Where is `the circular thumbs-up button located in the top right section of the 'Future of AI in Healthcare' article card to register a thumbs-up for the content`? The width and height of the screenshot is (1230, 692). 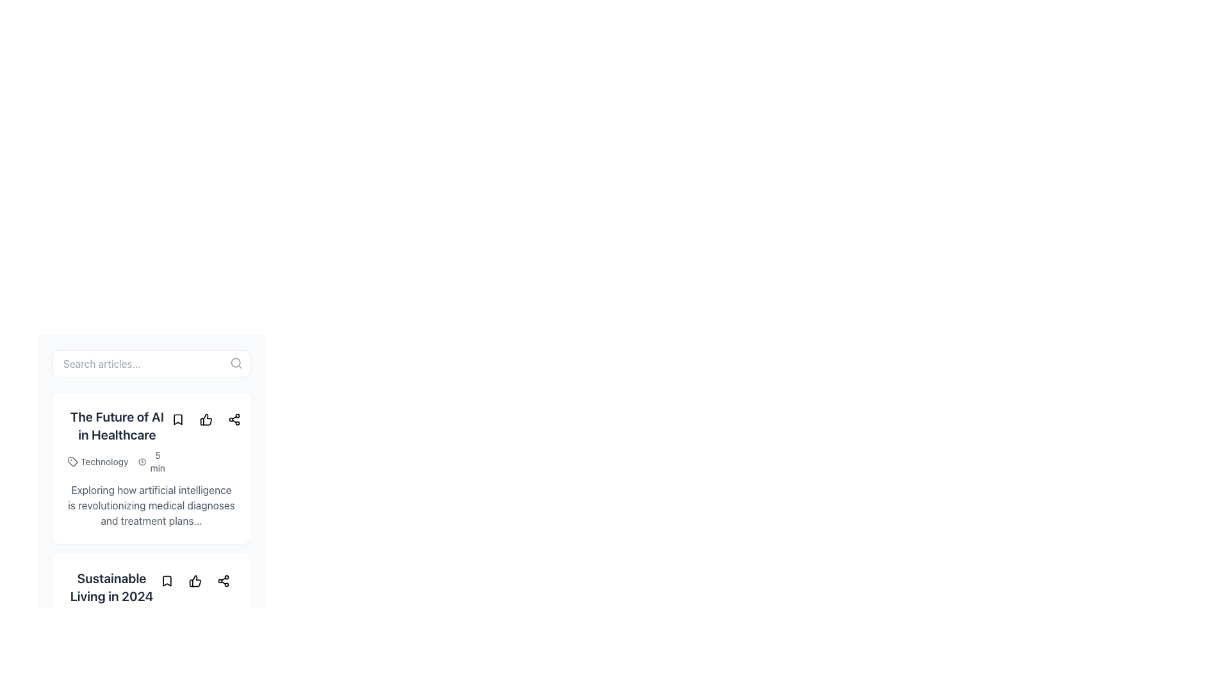 the circular thumbs-up button located in the top right section of the 'Future of AI in Healthcare' article card to register a thumbs-up for the content is located at coordinates (206, 420).